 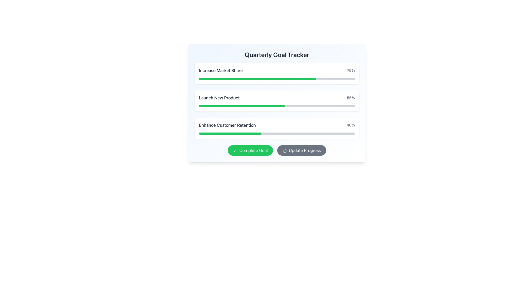 I want to click on text from the Text Label displaying the percentage value '75%' which indicates the progress of the task 'Increase Market Share', so click(x=351, y=70).